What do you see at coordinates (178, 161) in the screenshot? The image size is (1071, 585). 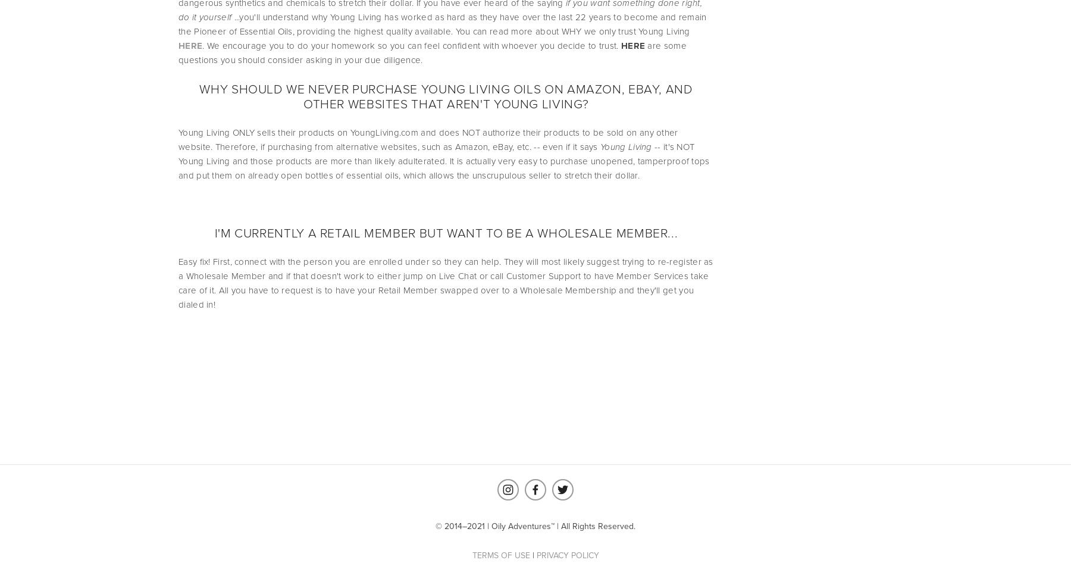 I see `'-- it's NOT Young Living and those products are more than likely adulterated. It is actually very easy to purchase unopened, tamperproof tops and put them on already open bottles of essential oils, which allows the unscrupulous seller to stretch their dollar.'` at bounding box center [178, 161].